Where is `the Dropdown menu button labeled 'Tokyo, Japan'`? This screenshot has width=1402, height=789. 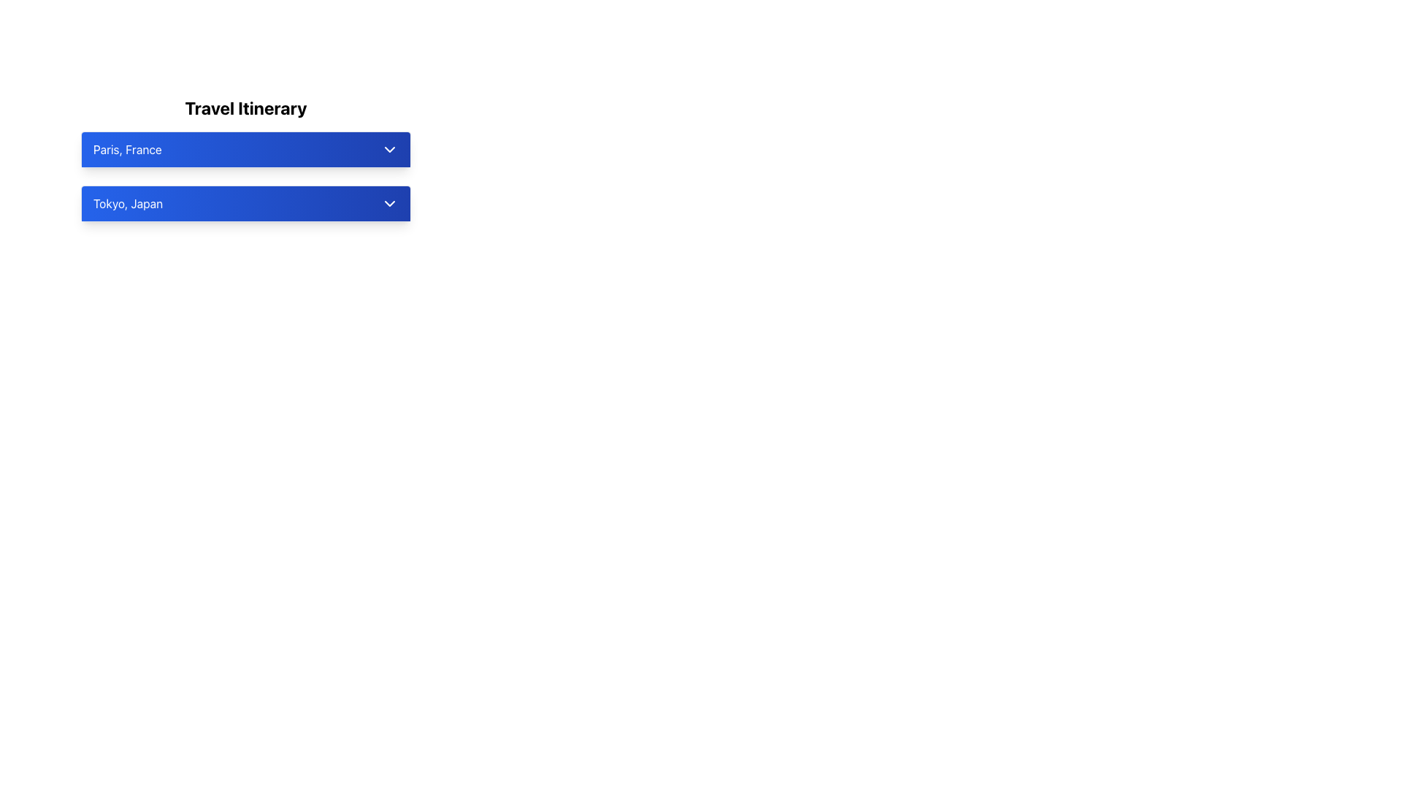 the Dropdown menu button labeled 'Tokyo, Japan' is located at coordinates (245, 203).